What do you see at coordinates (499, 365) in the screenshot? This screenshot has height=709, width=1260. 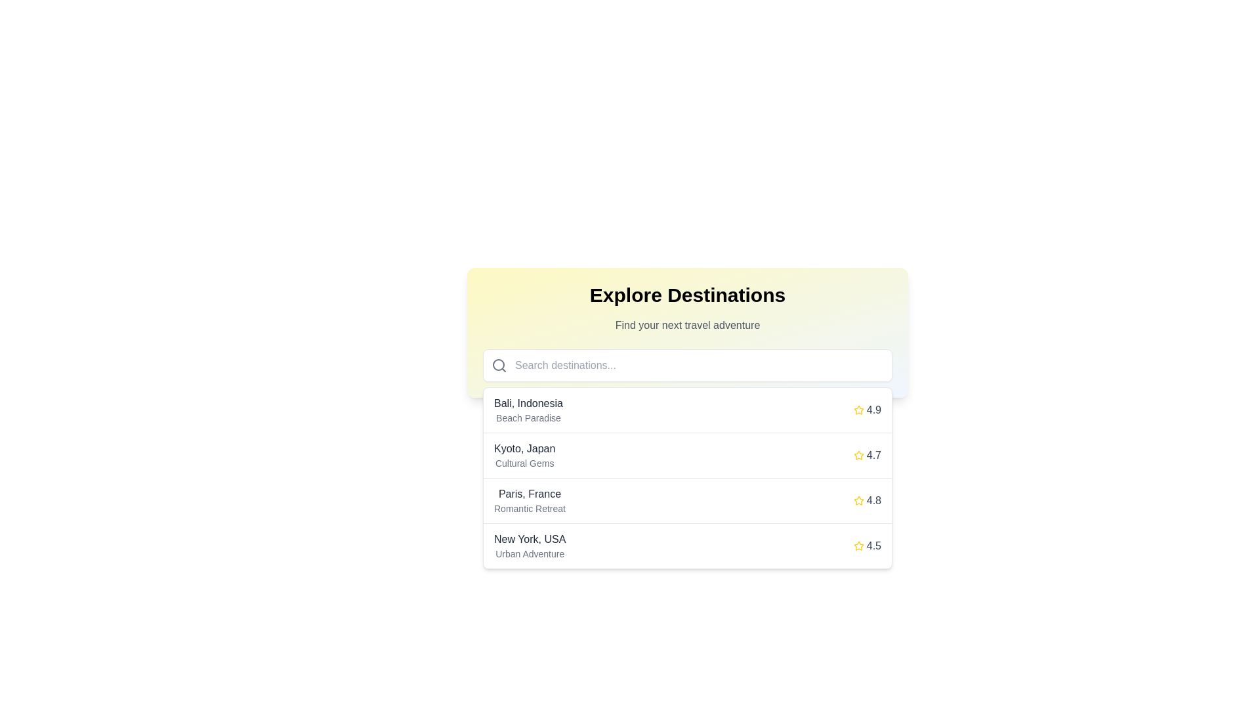 I see `the magnifying glass icon representing the search function, which is styled in a minimalistic line-art design and located at the far-left side inside the search bar below the title 'Explore Destinations'` at bounding box center [499, 365].